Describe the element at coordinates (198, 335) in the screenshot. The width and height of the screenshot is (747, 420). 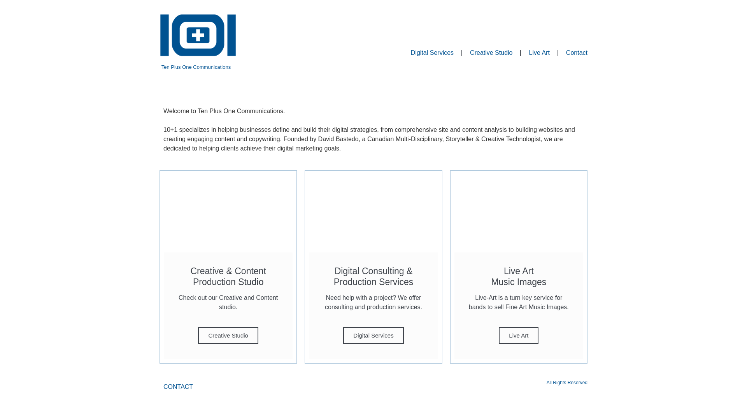
I see `'Creative Studio'` at that location.